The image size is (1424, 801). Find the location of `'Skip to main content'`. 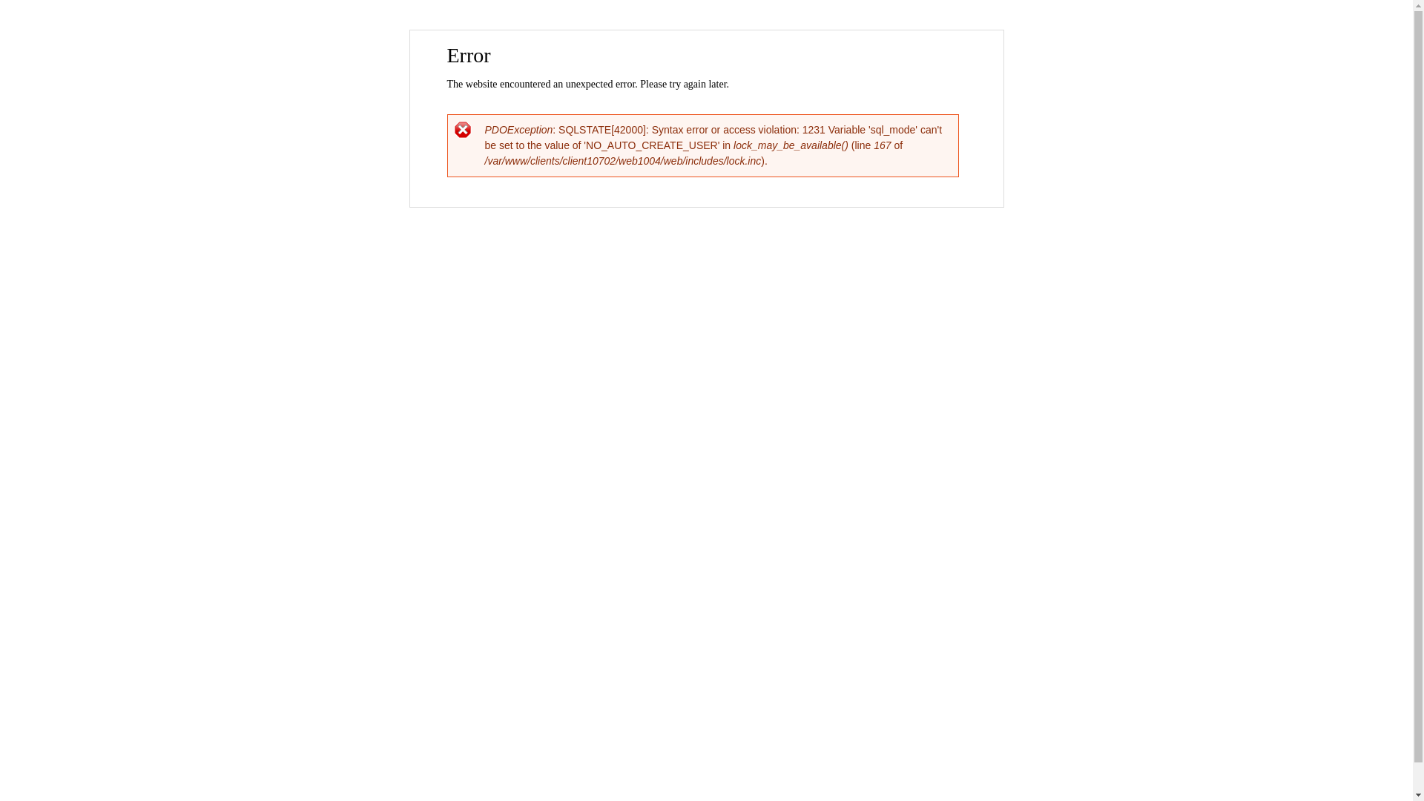

'Skip to main content' is located at coordinates (674, 31).